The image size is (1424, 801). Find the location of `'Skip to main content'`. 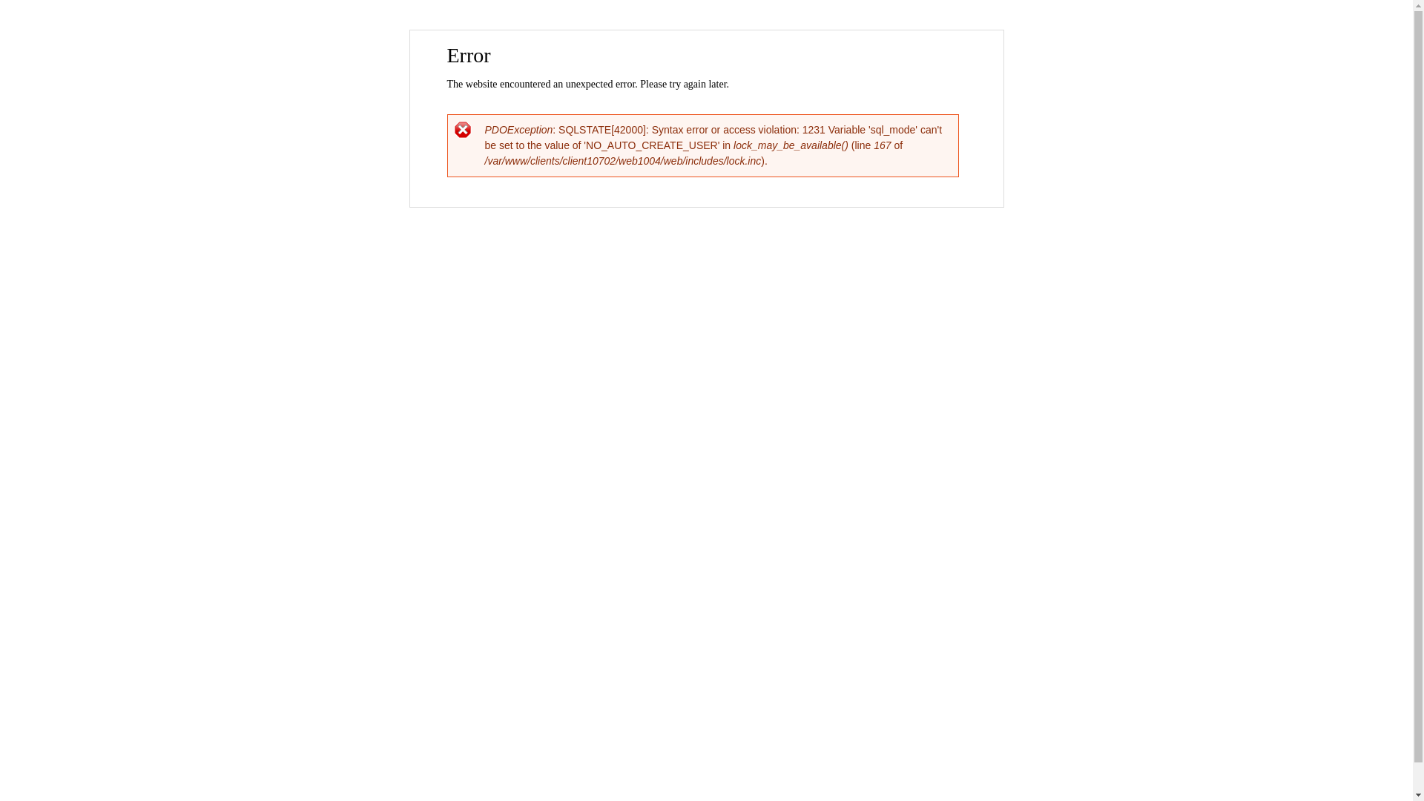

'Skip to main content' is located at coordinates (674, 31).